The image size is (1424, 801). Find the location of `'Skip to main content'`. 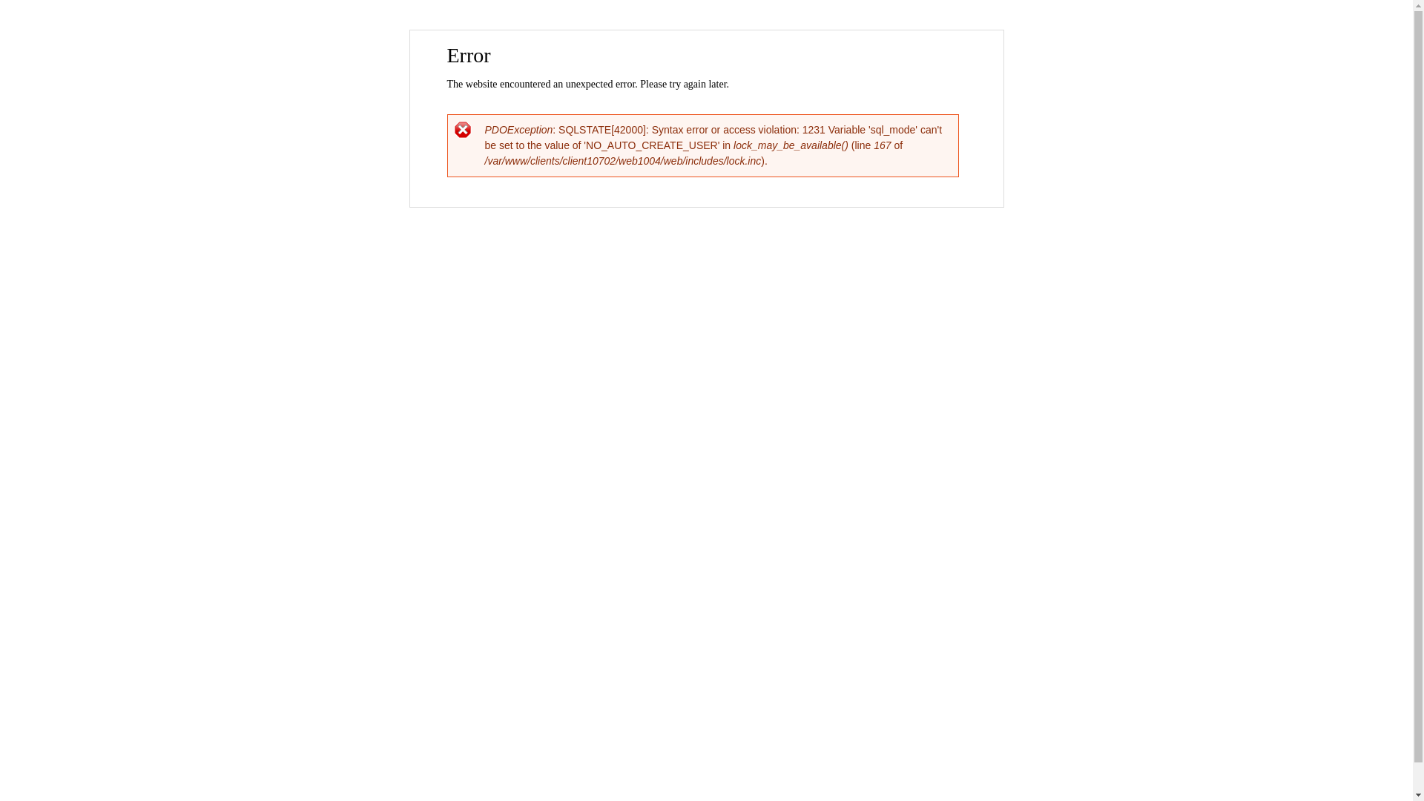

'Skip to main content' is located at coordinates (674, 31).